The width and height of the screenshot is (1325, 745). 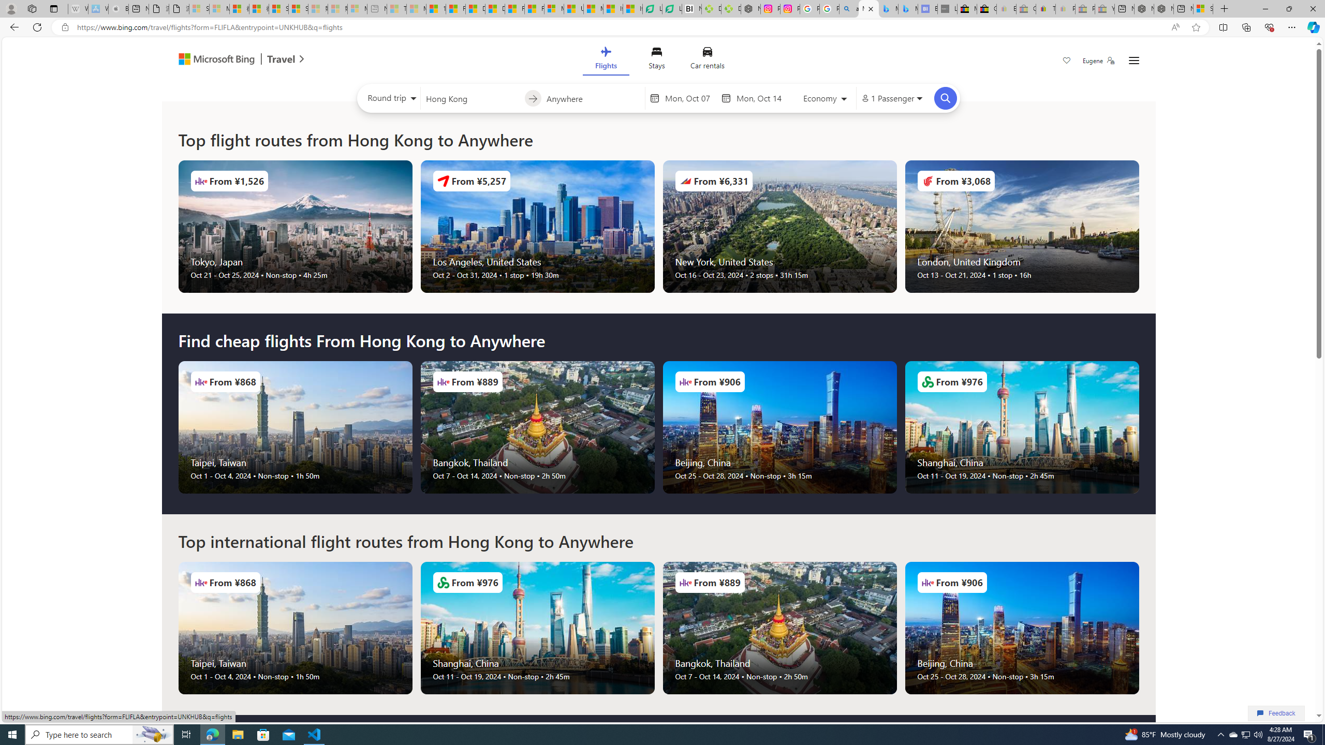 What do you see at coordinates (1105, 8) in the screenshot?
I see `'Yard, Garden & Outdoor Living - Sleeping'` at bounding box center [1105, 8].